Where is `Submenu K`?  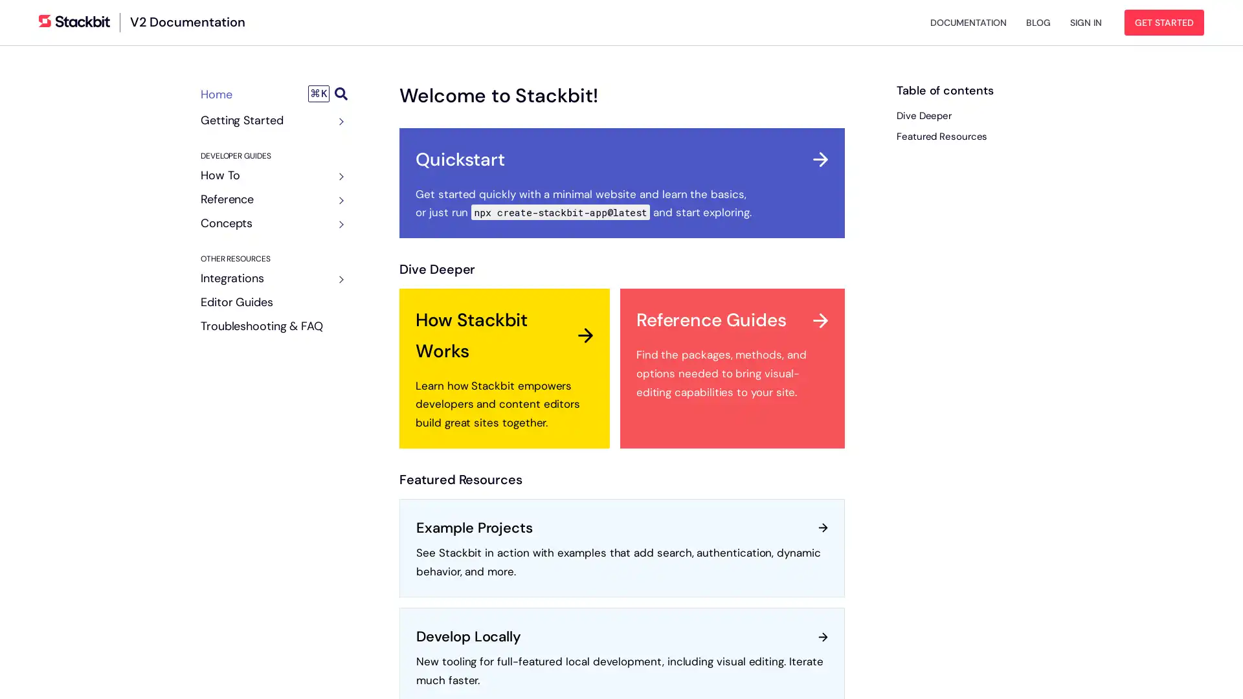 Submenu K is located at coordinates (328, 93).